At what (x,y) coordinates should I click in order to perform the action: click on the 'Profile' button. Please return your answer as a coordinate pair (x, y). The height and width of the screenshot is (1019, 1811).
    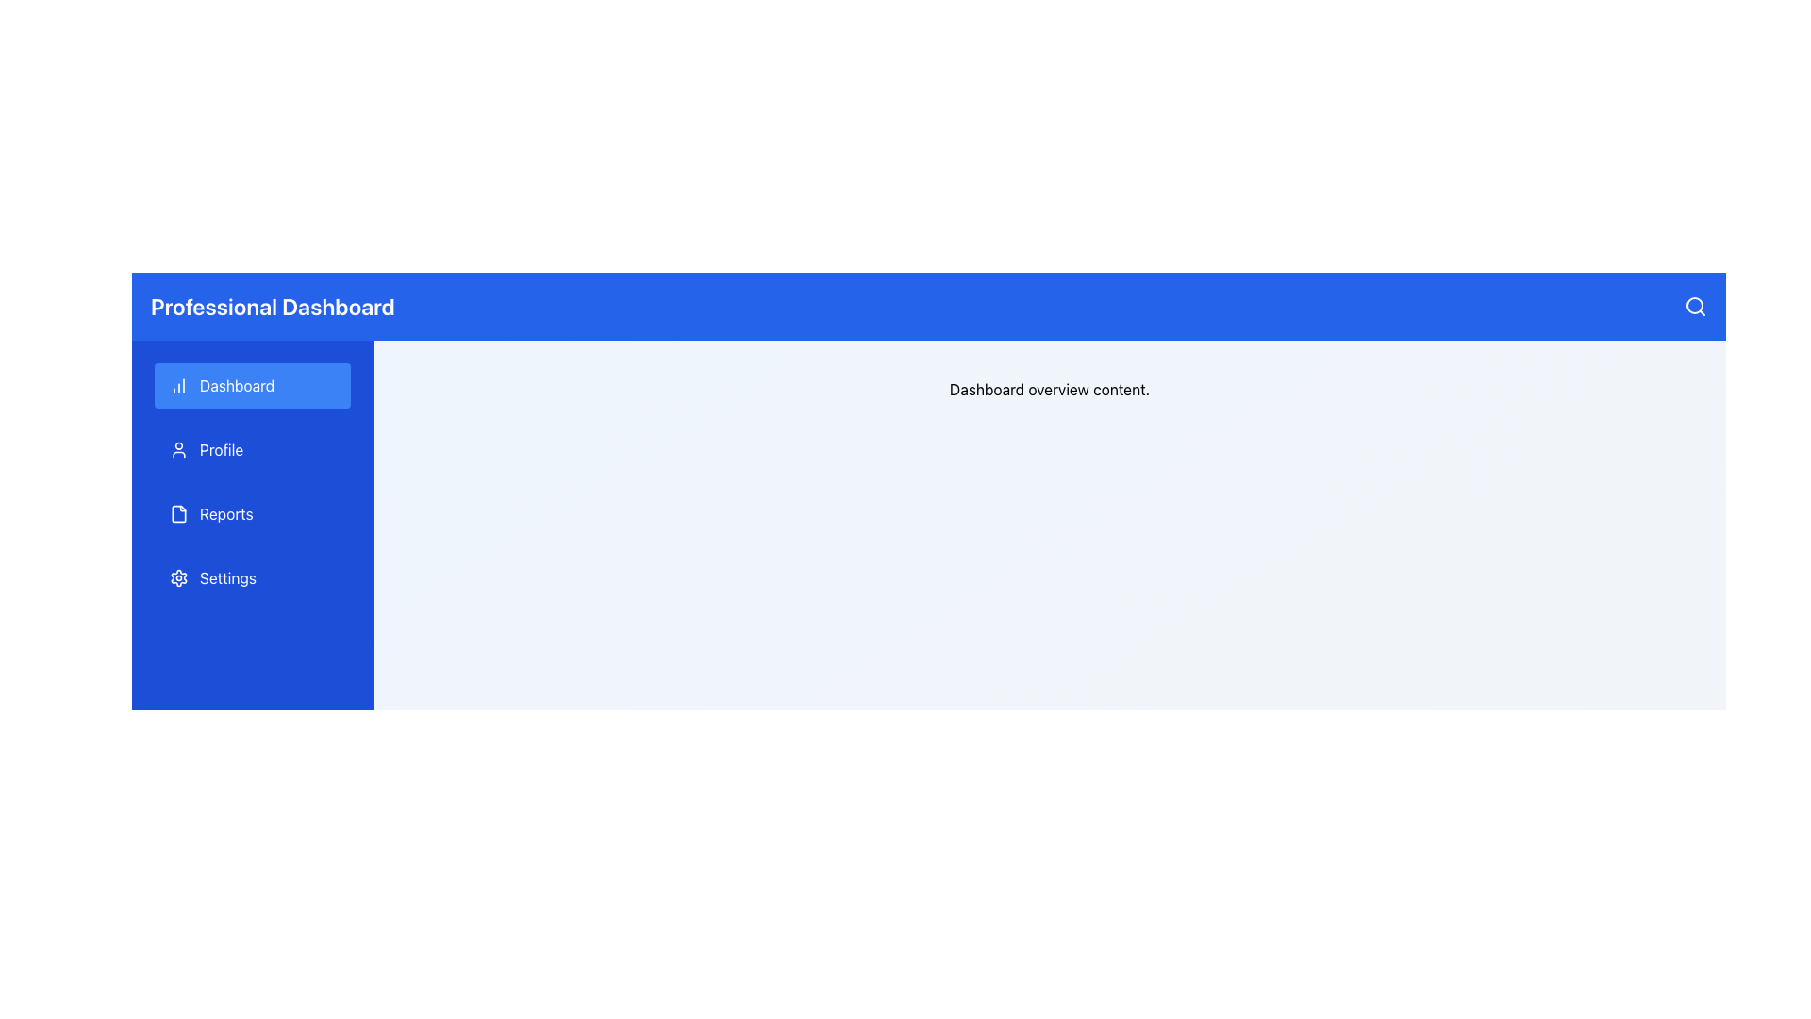
    Looking at the image, I should click on (252, 450).